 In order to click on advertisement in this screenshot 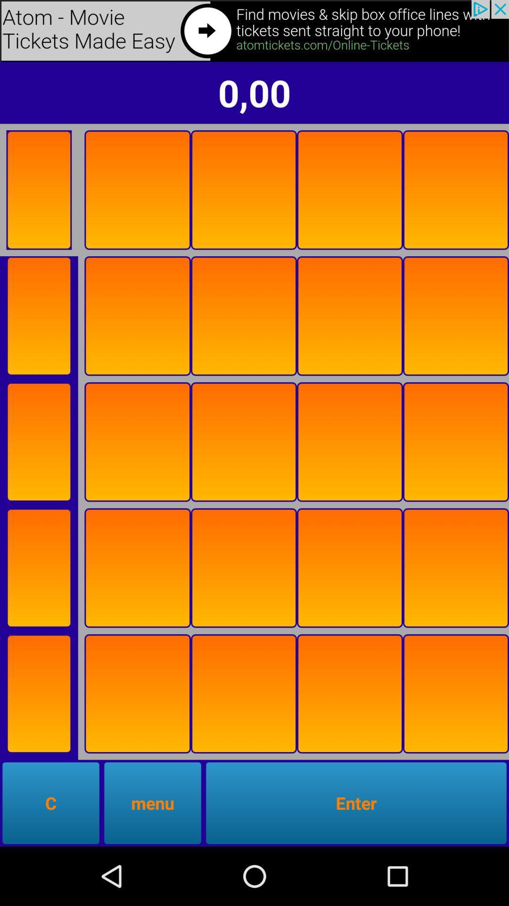, I will do `click(38, 694)`.